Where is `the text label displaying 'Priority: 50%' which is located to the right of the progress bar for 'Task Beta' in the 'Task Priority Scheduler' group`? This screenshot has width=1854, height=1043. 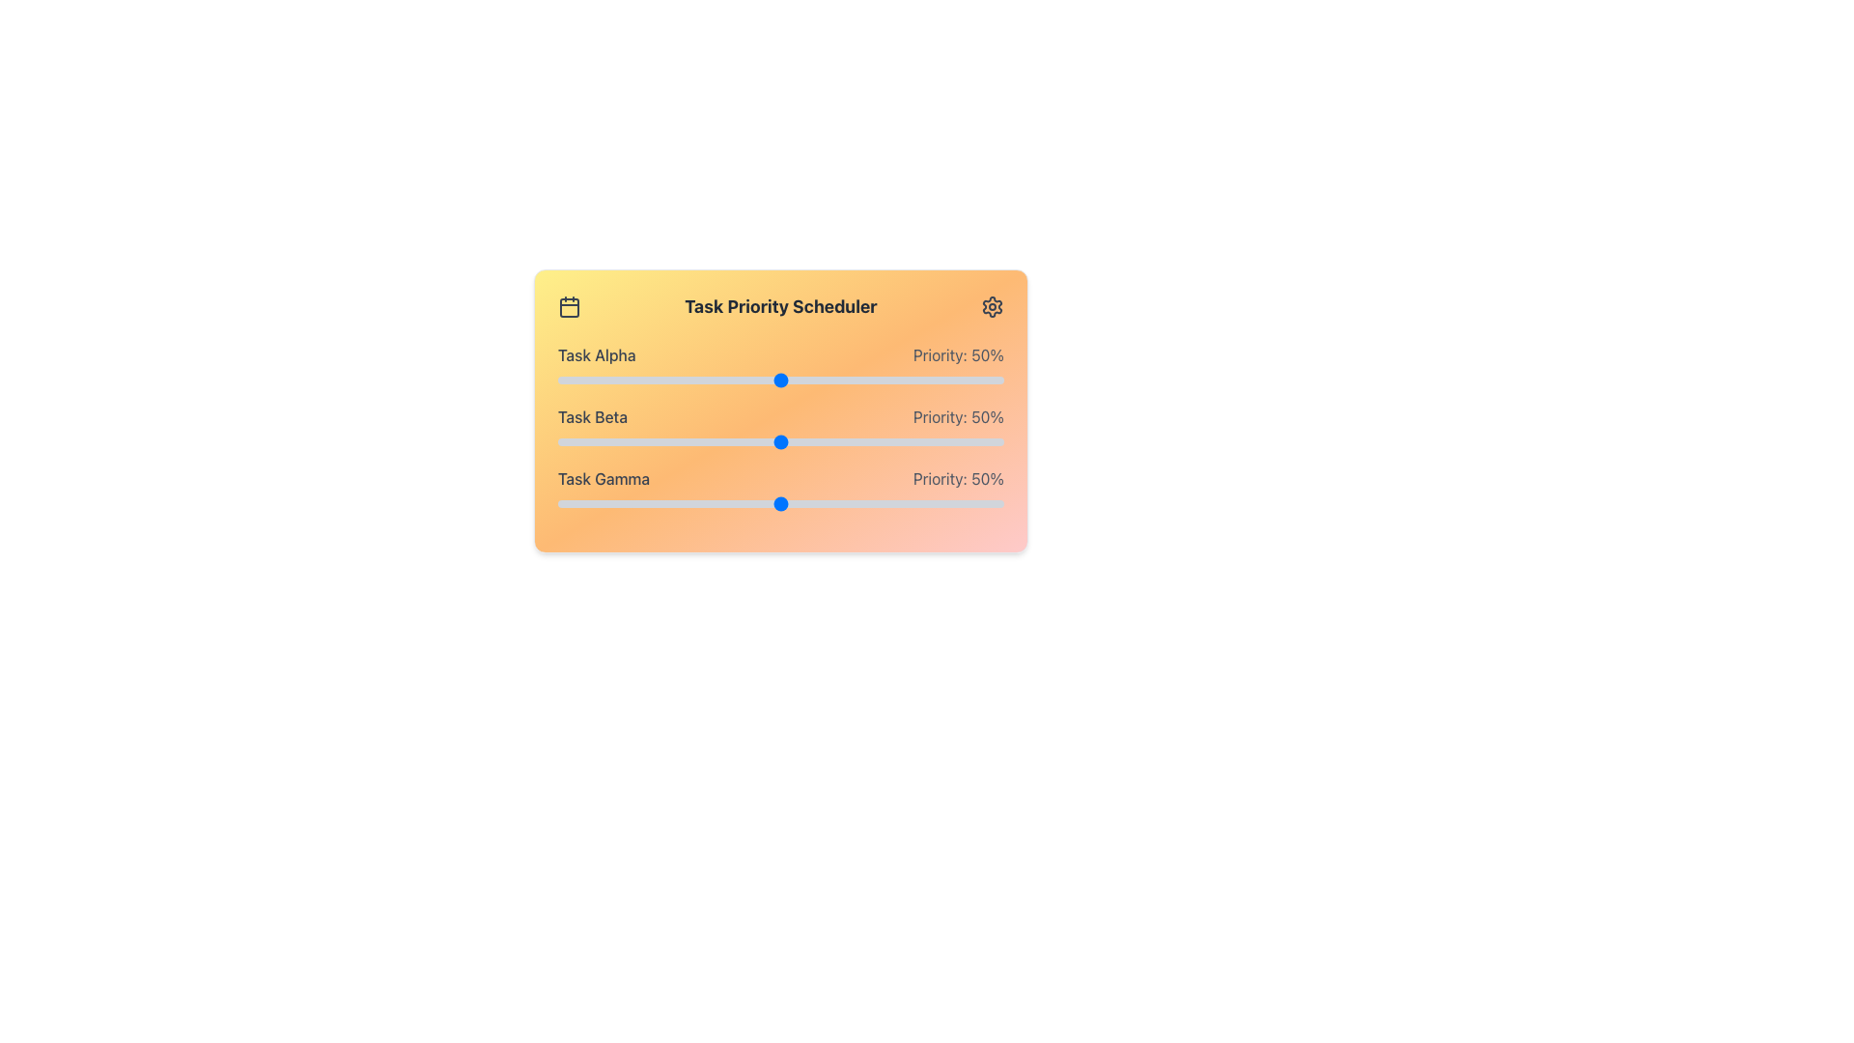 the text label displaying 'Priority: 50%' which is located to the right of the progress bar for 'Task Beta' in the 'Task Priority Scheduler' group is located at coordinates (958, 416).